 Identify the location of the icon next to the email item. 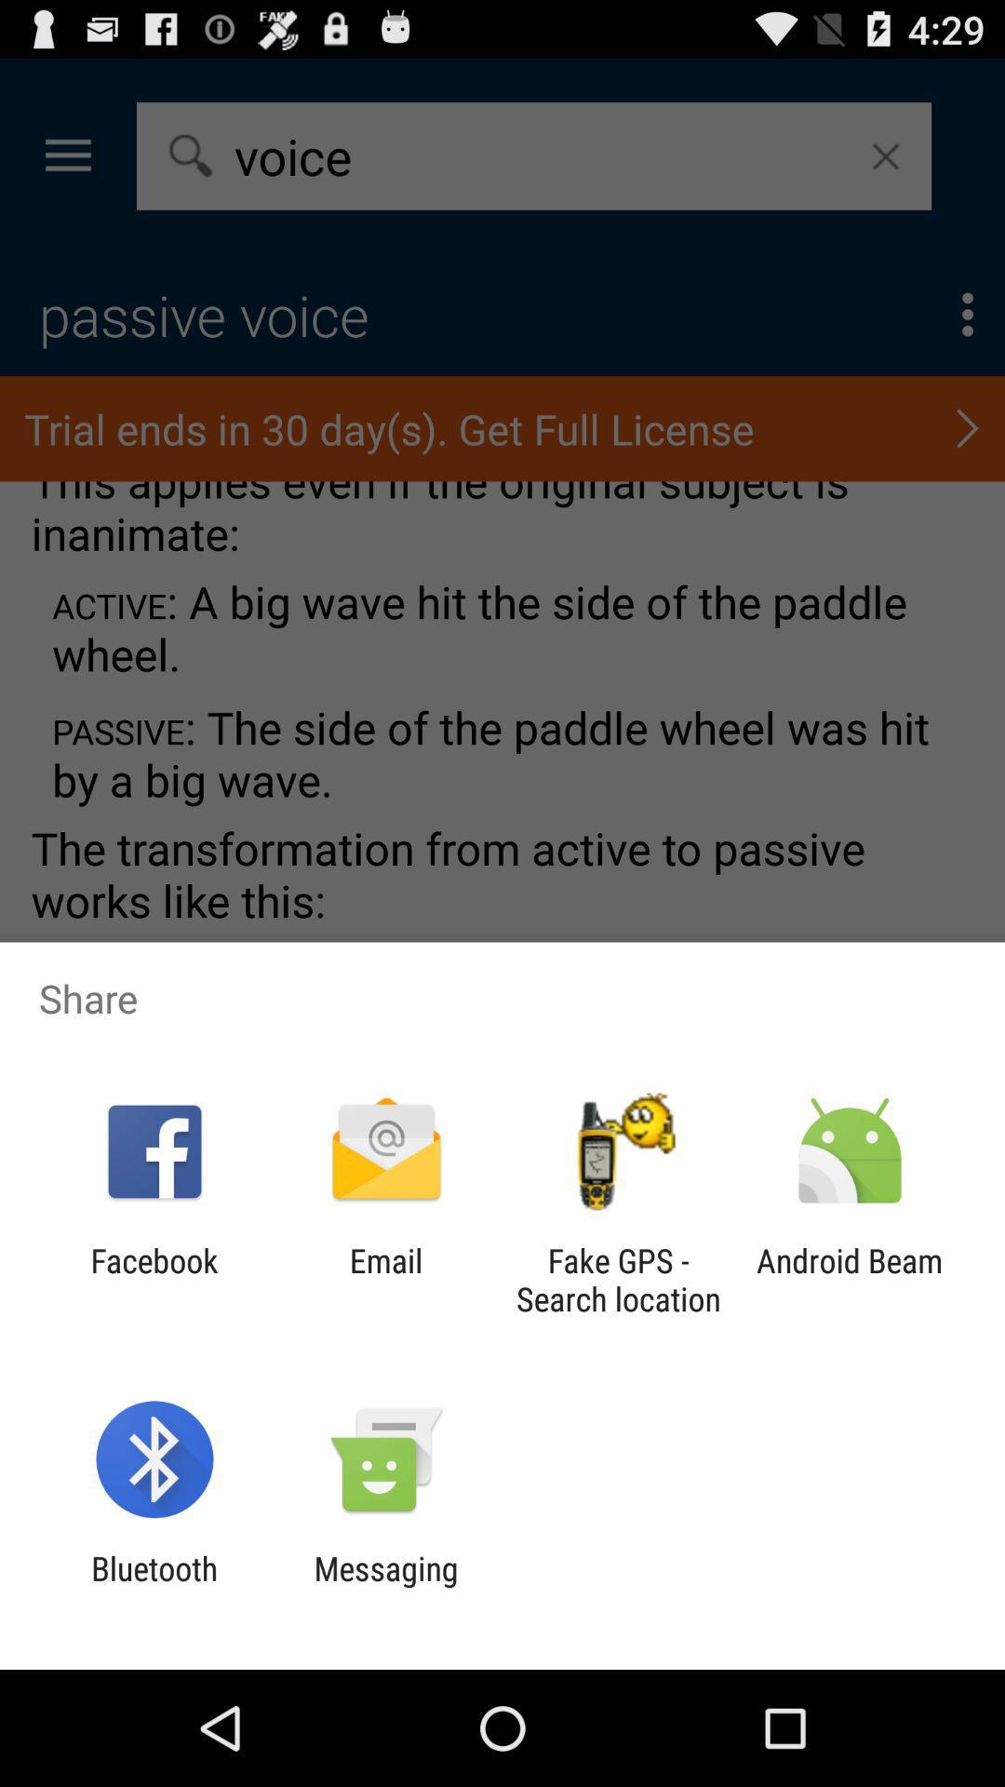
(618, 1279).